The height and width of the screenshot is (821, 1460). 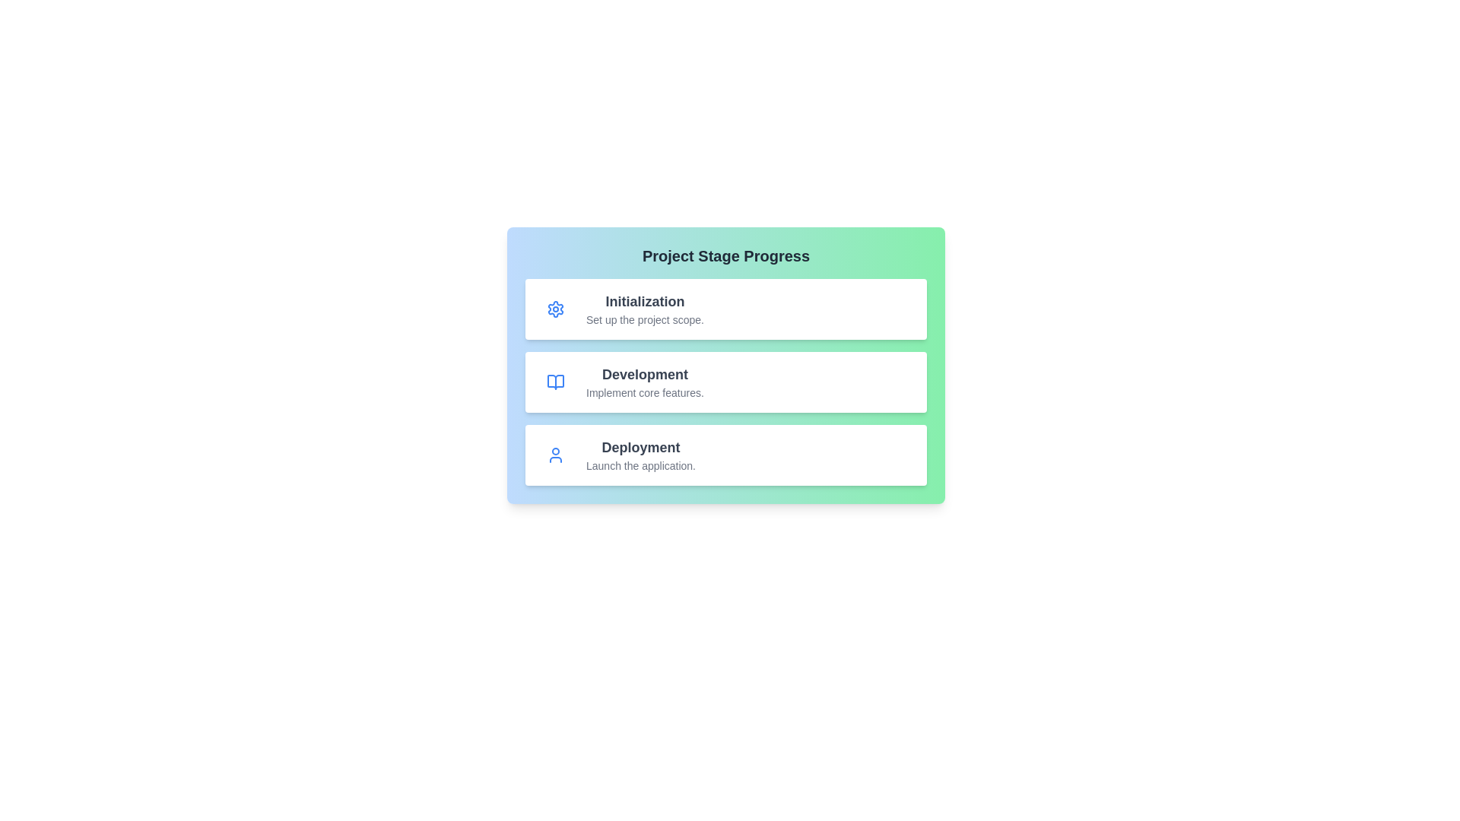 What do you see at coordinates (554, 381) in the screenshot?
I see `the open book icon, which is styled with a clean outline in blue and located next to the 'Development' label in the second row of the stacked layout` at bounding box center [554, 381].